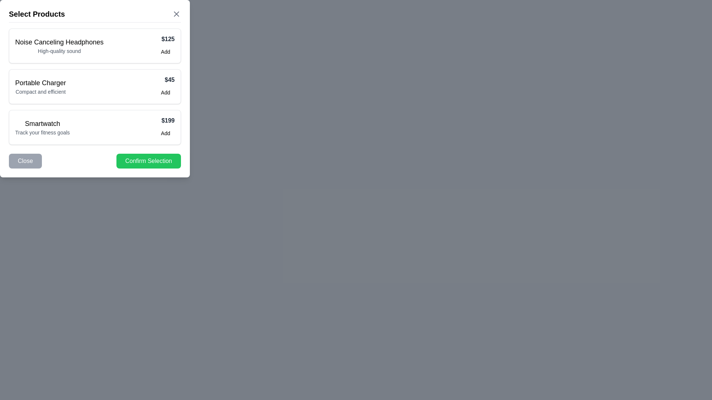  What do you see at coordinates (176, 14) in the screenshot?
I see `the small, diagonal cross icon located at the top-right corner of the 'Select Products' modal window` at bounding box center [176, 14].